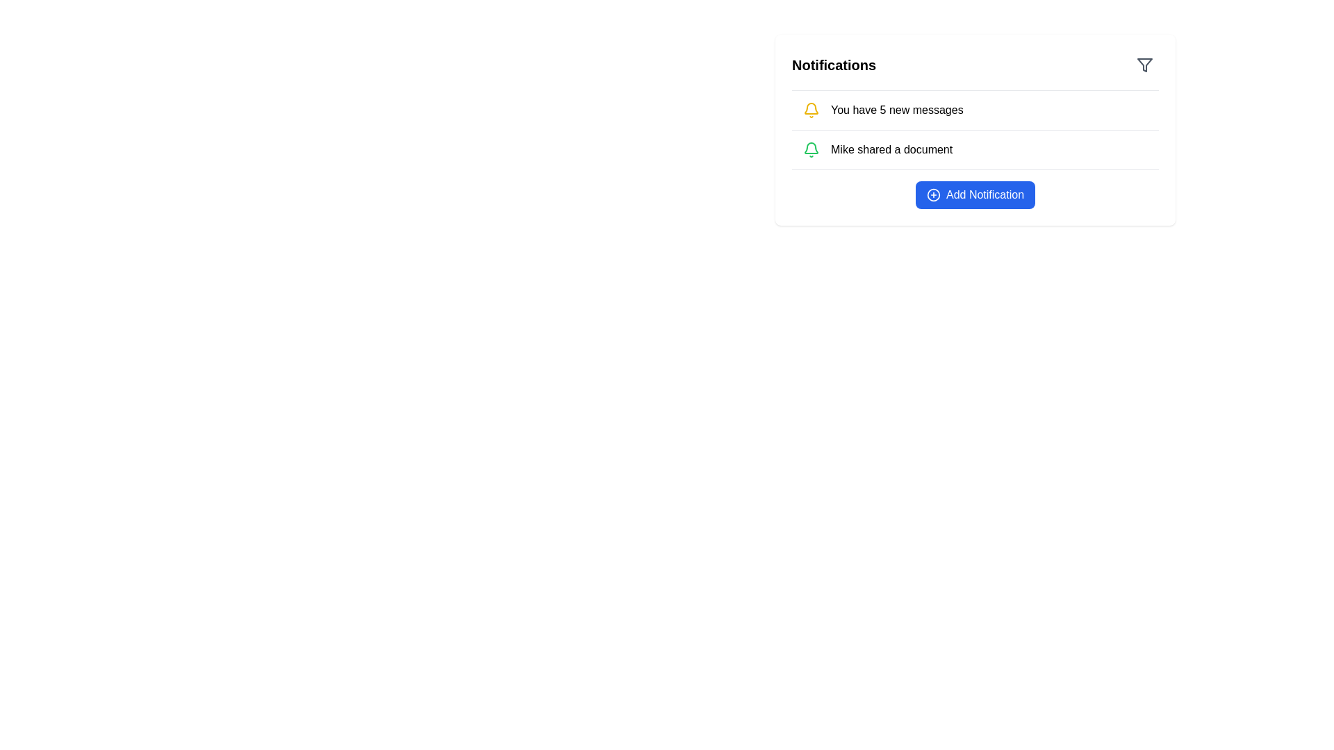  I want to click on the text label displaying 'Mike shared a document' located in the notification panel, specifically as the second notification entry adjacent to a green bell icon, so click(891, 150).